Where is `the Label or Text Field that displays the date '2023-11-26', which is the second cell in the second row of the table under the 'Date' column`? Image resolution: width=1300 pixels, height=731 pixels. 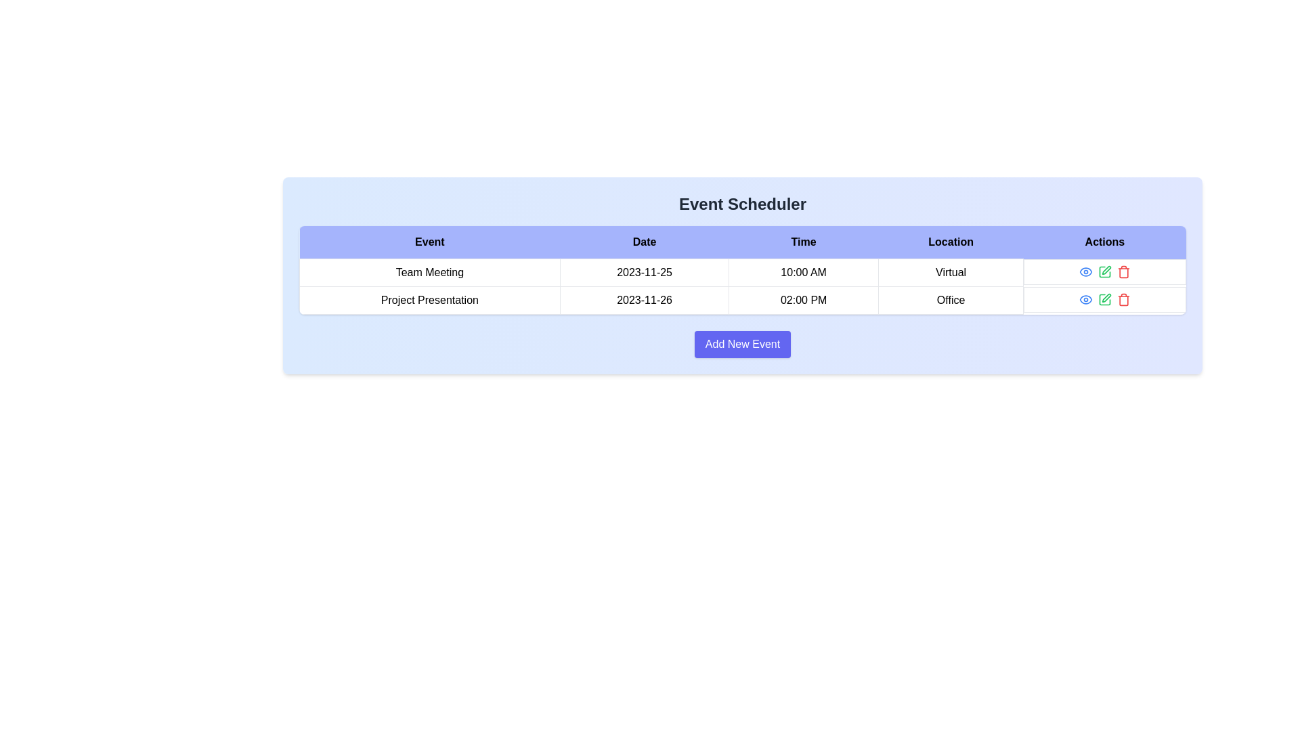
the Label or Text Field that displays the date '2023-11-26', which is the second cell in the second row of the table under the 'Date' column is located at coordinates (644, 299).